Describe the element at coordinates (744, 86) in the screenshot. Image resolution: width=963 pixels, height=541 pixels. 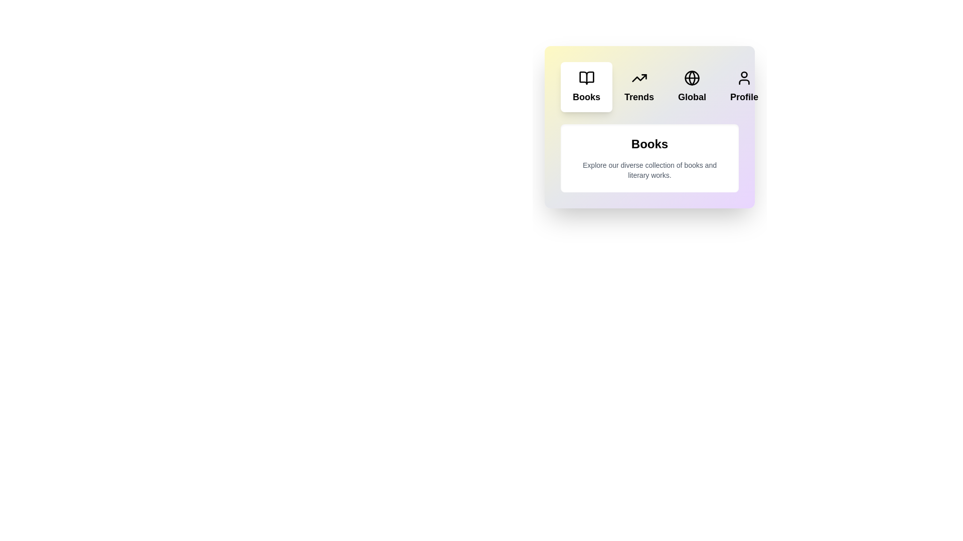
I see `the tab button labeled 'Profile' to observe its visual effect` at that location.